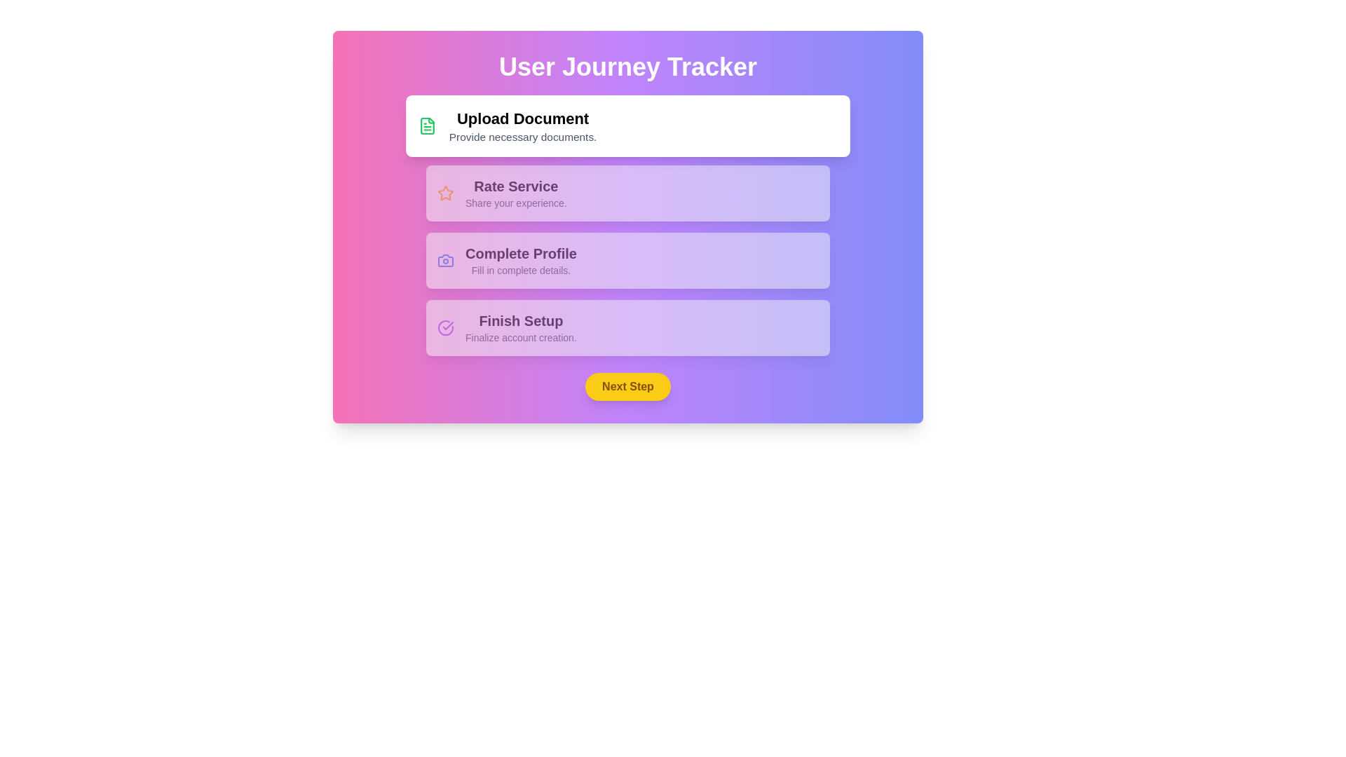 This screenshot has height=757, width=1346. I want to click on text from the multiline text label displaying 'Complete Profile' and 'Fill in complete details', which is the second option in the list of steps below 'Rate Service' and above 'Finish Setup', so click(520, 260).